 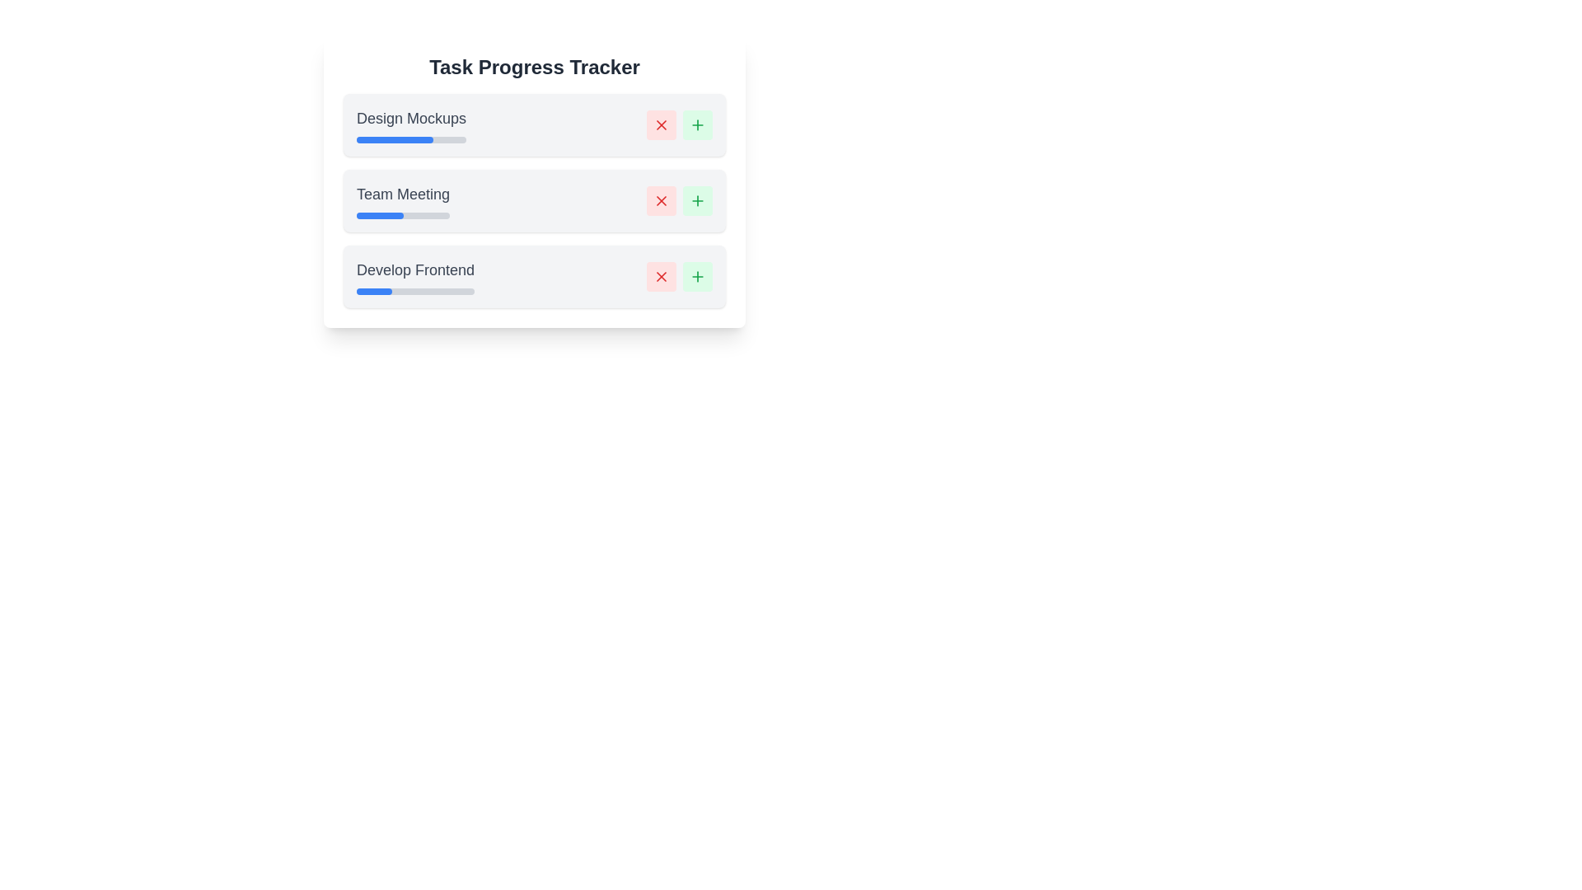 What do you see at coordinates (661, 275) in the screenshot?
I see `the minus button for the task Develop Frontend to adjust its progress` at bounding box center [661, 275].